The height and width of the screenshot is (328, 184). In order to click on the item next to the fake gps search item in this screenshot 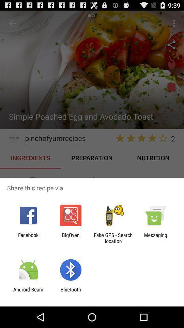, I will do `click(155, 238)`.